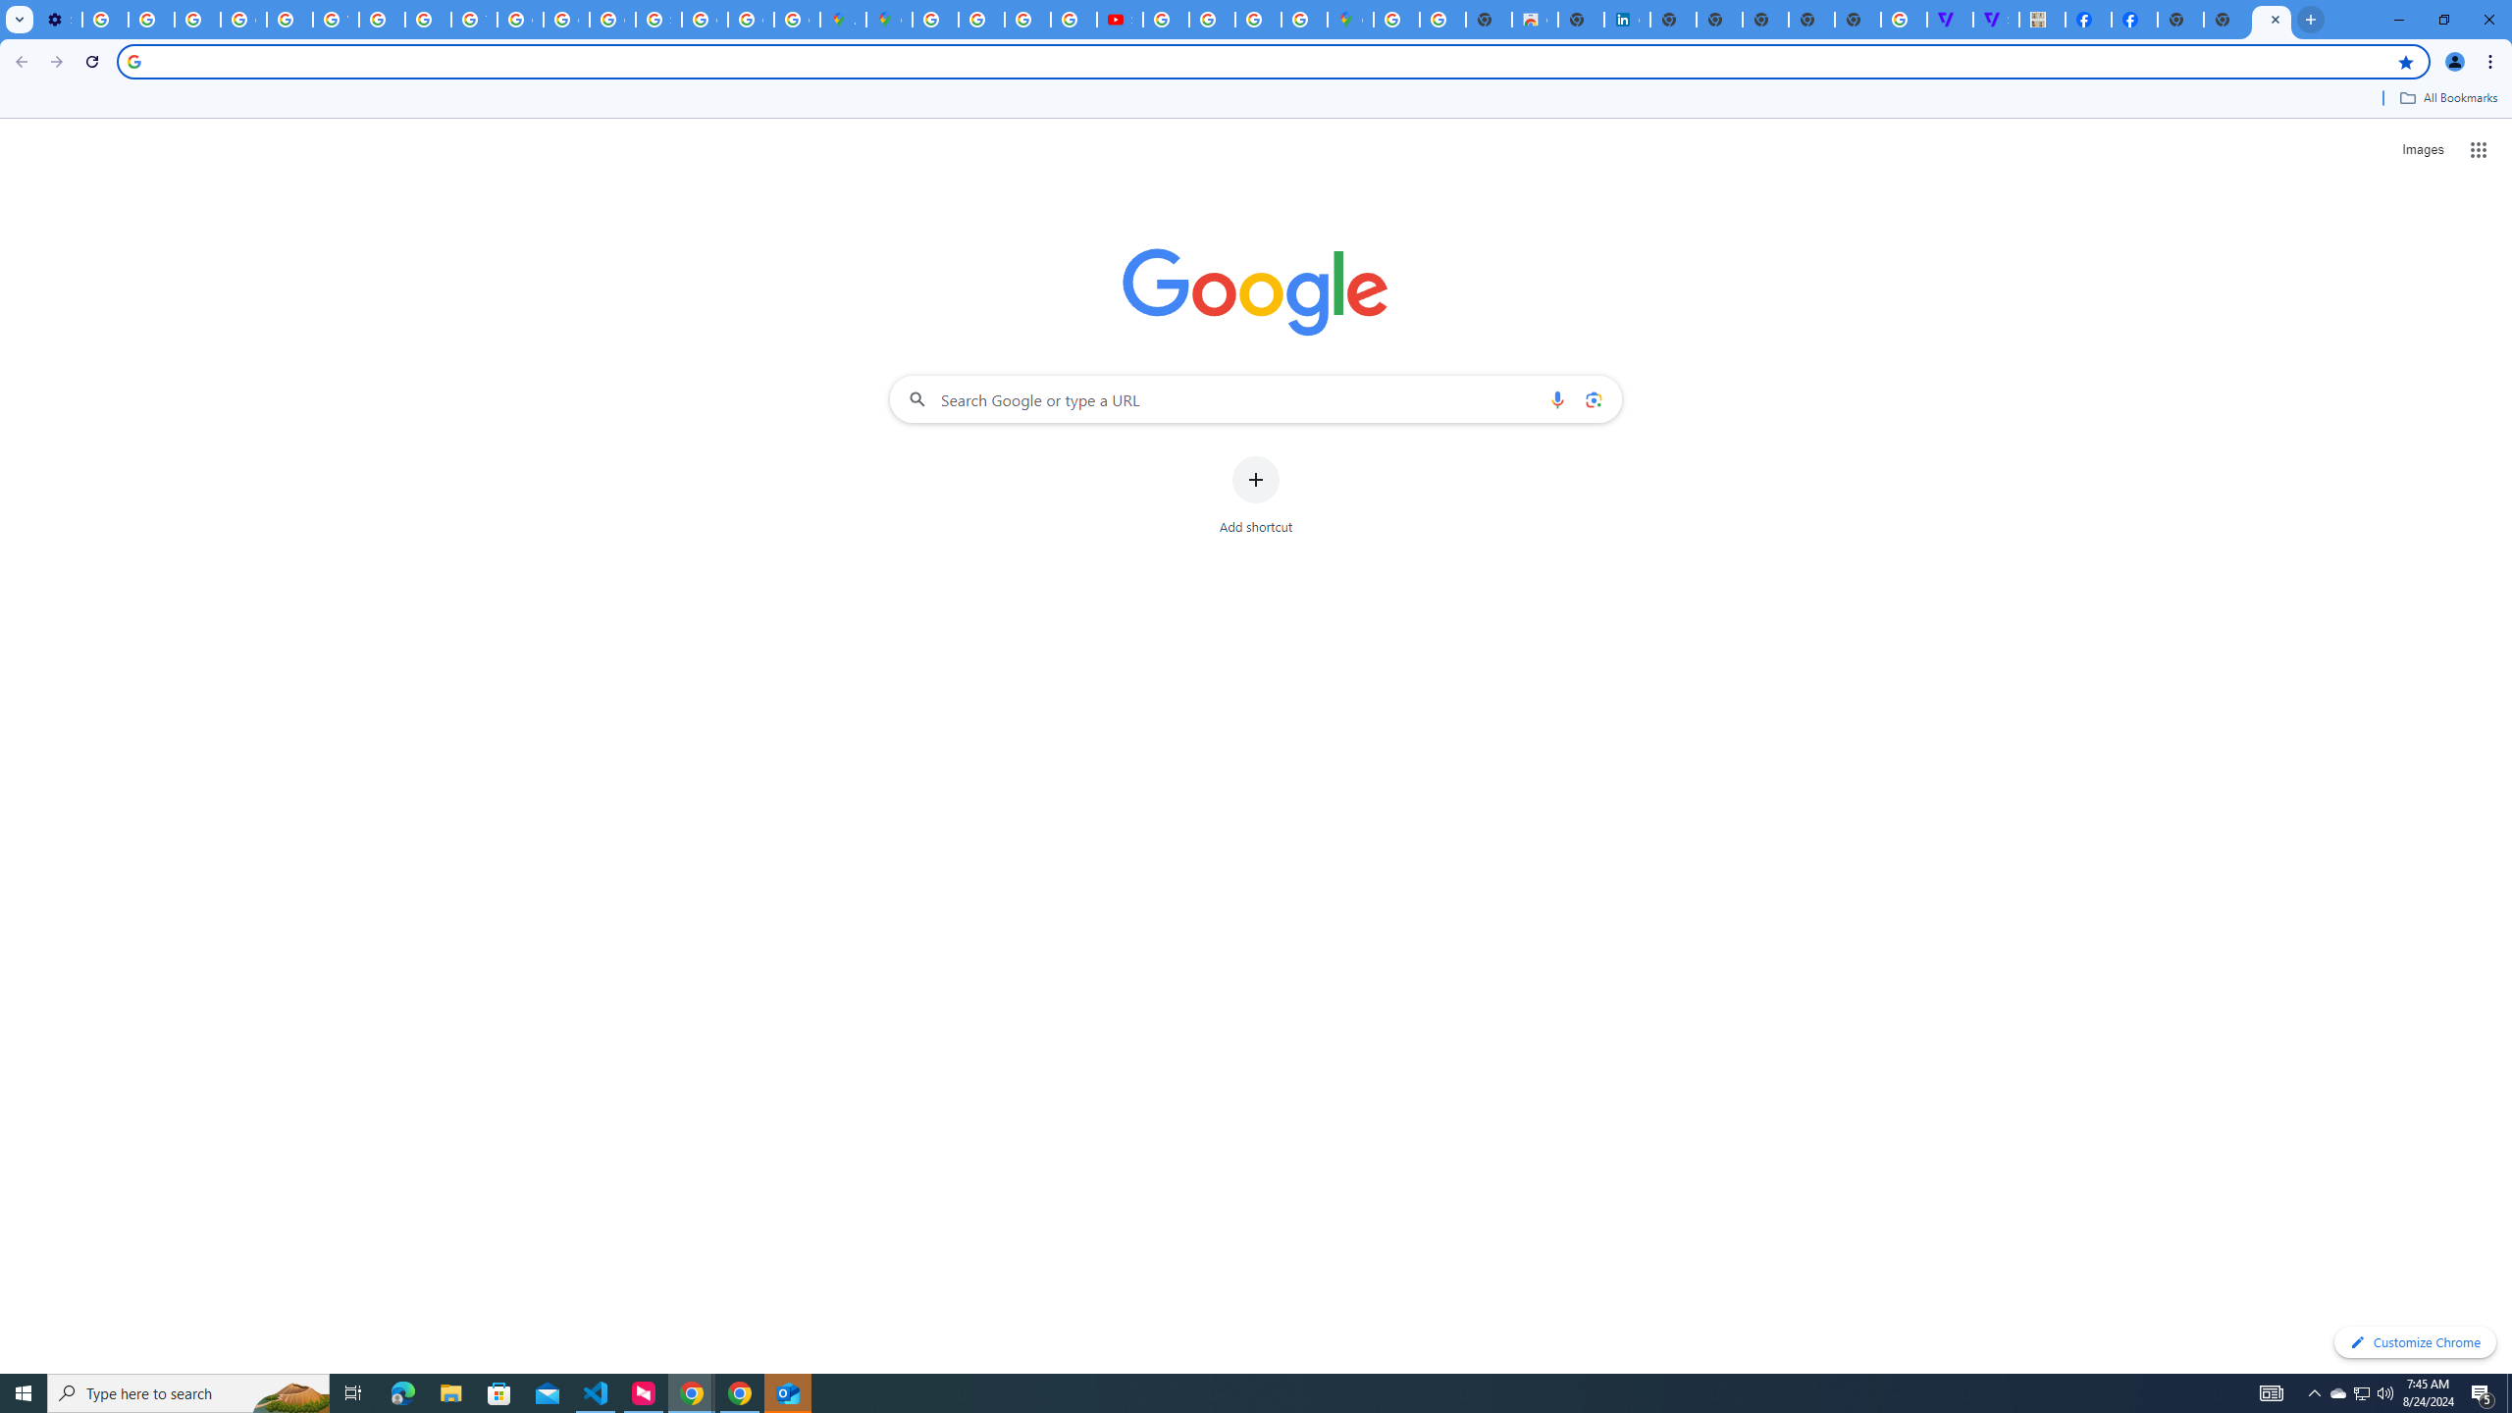 The width and height of the screenshot is (2512, 1413). What do you see at coordinates (2179, 19) in the screenshot?
I see `'New Tab'` at bounding box center [2179, 19].